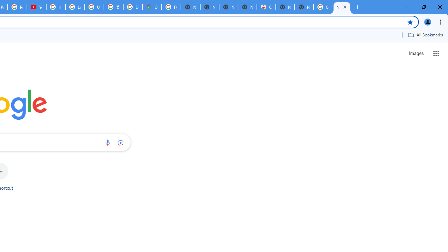 The height and width of the screenshot is (252, 448). Describe the element at coordinates (322, 7) in the screenshot. I see `'Google Images'` at that location.